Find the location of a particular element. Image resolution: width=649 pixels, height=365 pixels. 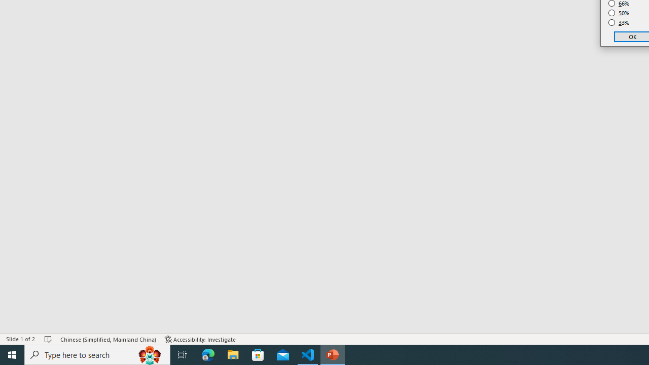

'Microsoft Edge' is located at coordinates (208, 354).